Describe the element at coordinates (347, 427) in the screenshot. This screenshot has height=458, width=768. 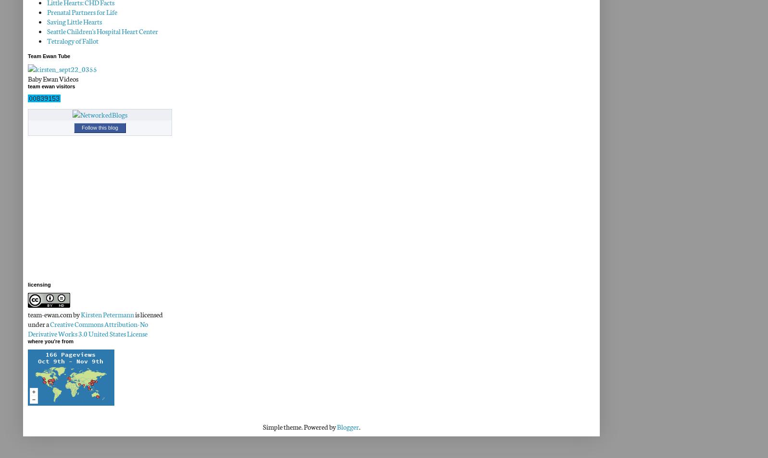
I see `'Blogger'` at that location.